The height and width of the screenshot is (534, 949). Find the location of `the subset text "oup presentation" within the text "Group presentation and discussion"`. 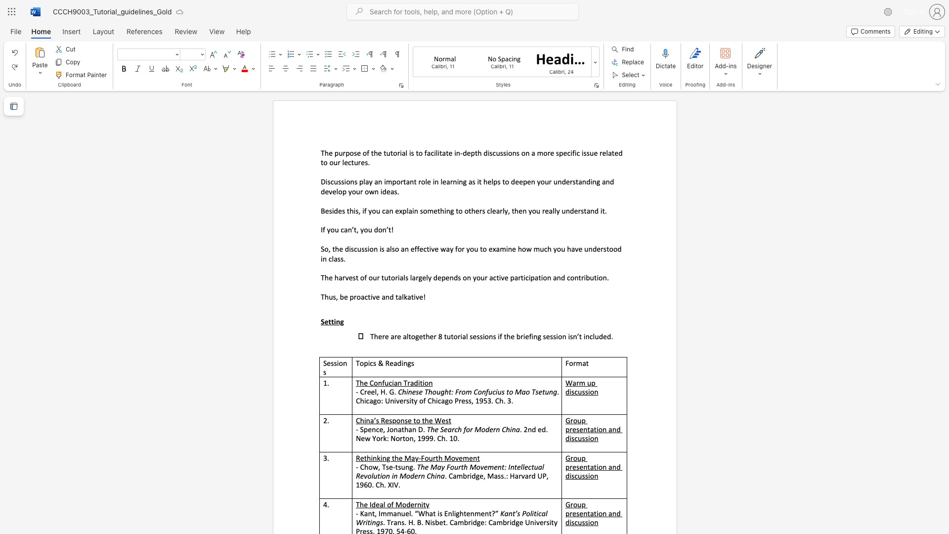

the subset text "oup presentation" within the text "Group presentation and discussion" is located at coordinates (573, 458).